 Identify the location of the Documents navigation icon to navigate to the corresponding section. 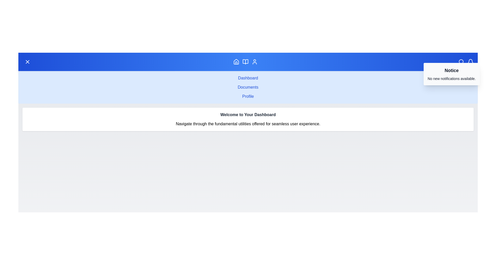
(245, 62).